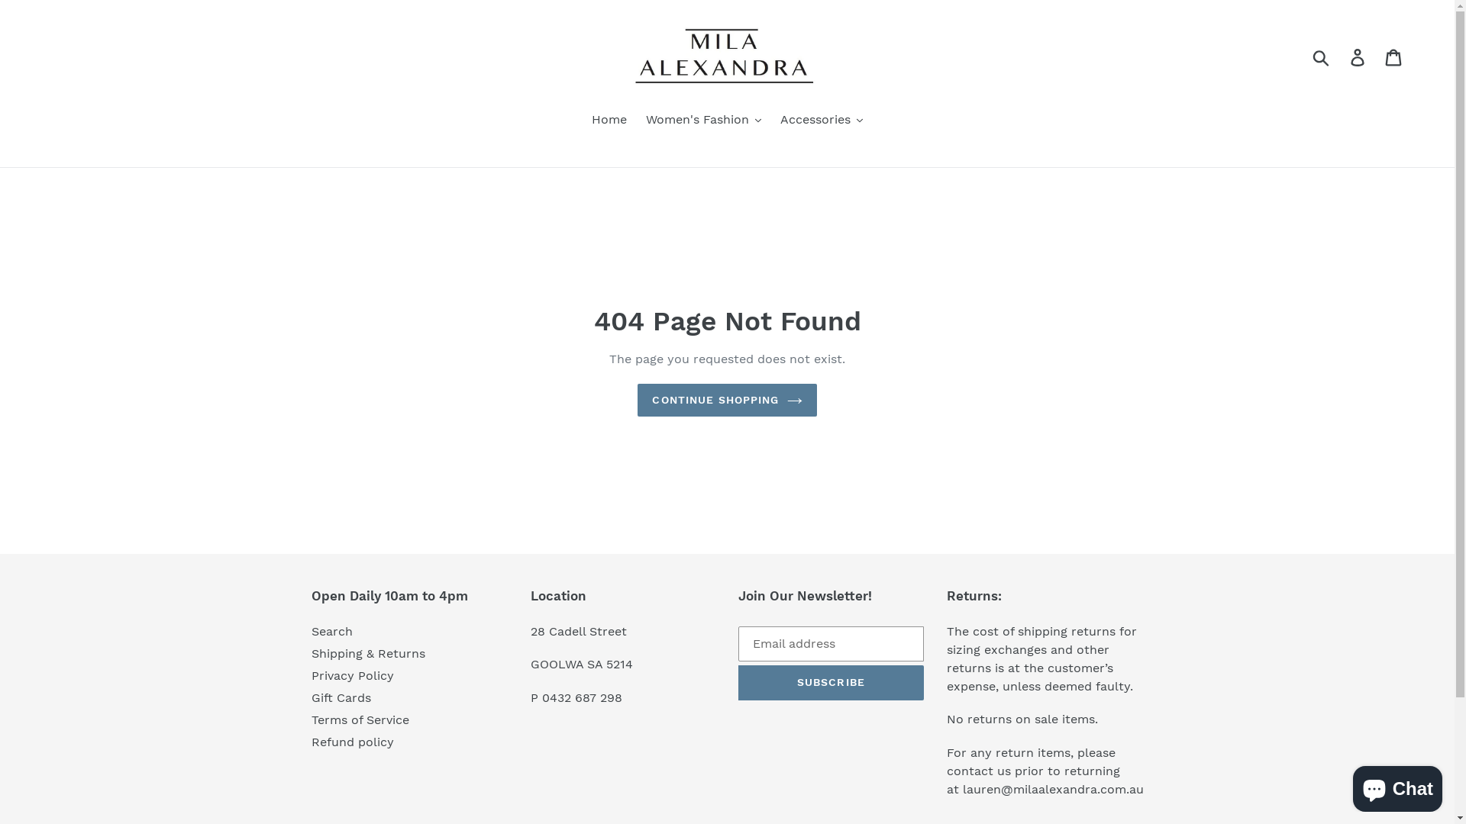  What do you see at coordinates (351, 674) in the screenshot?
I see `'Privacy Policy'` at bounding box center [351, 674].